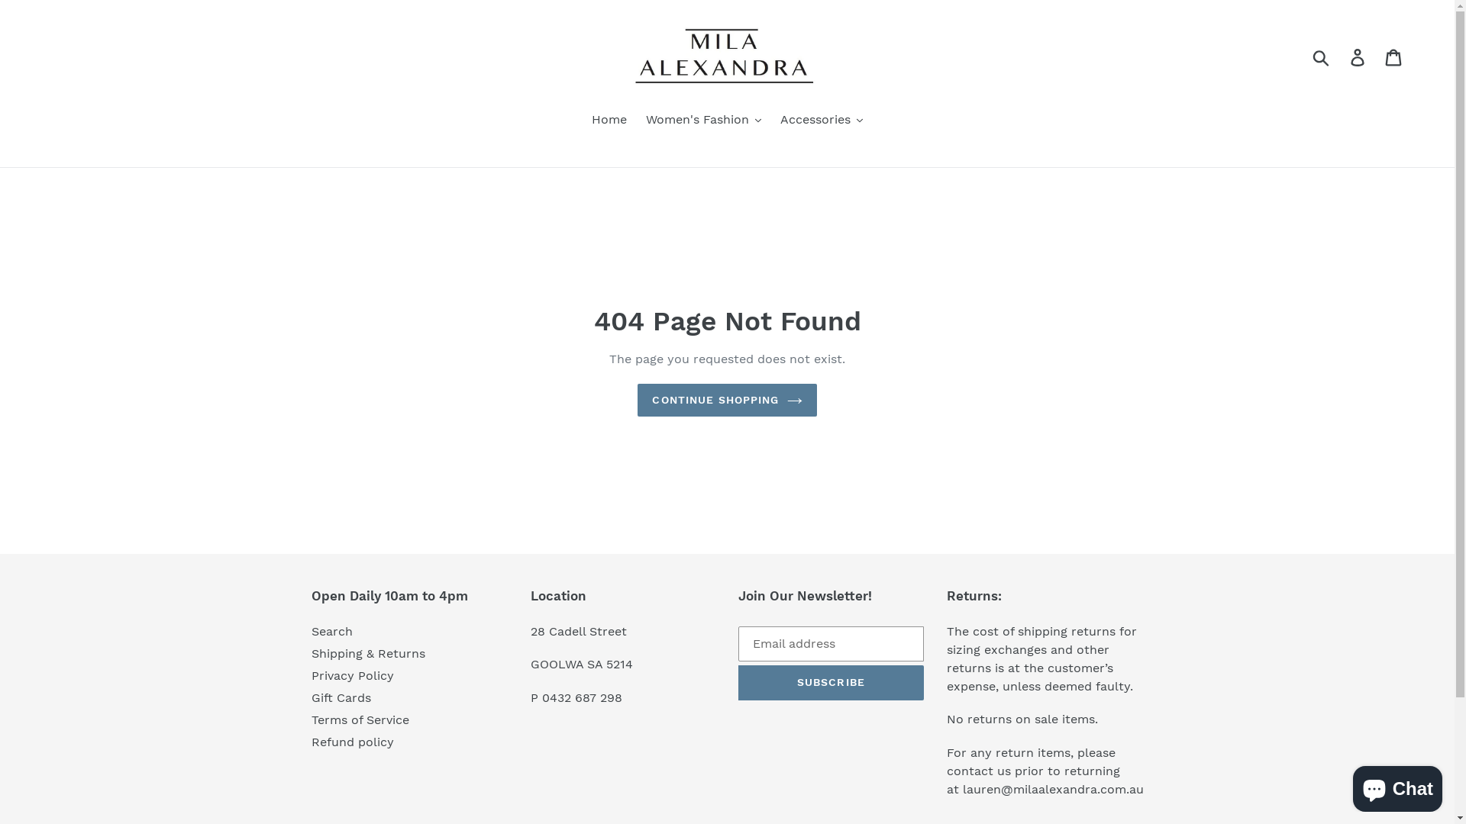  What do you see at coordinates (351, 674) in the screenshot?
I see `'Privacy Policy'` at bounding box center [351, 674].